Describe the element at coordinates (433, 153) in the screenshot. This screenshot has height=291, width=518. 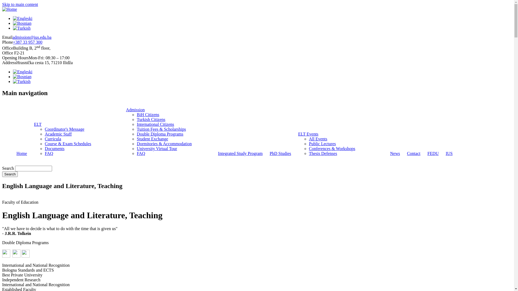
I see `'FEDU'` at that location.